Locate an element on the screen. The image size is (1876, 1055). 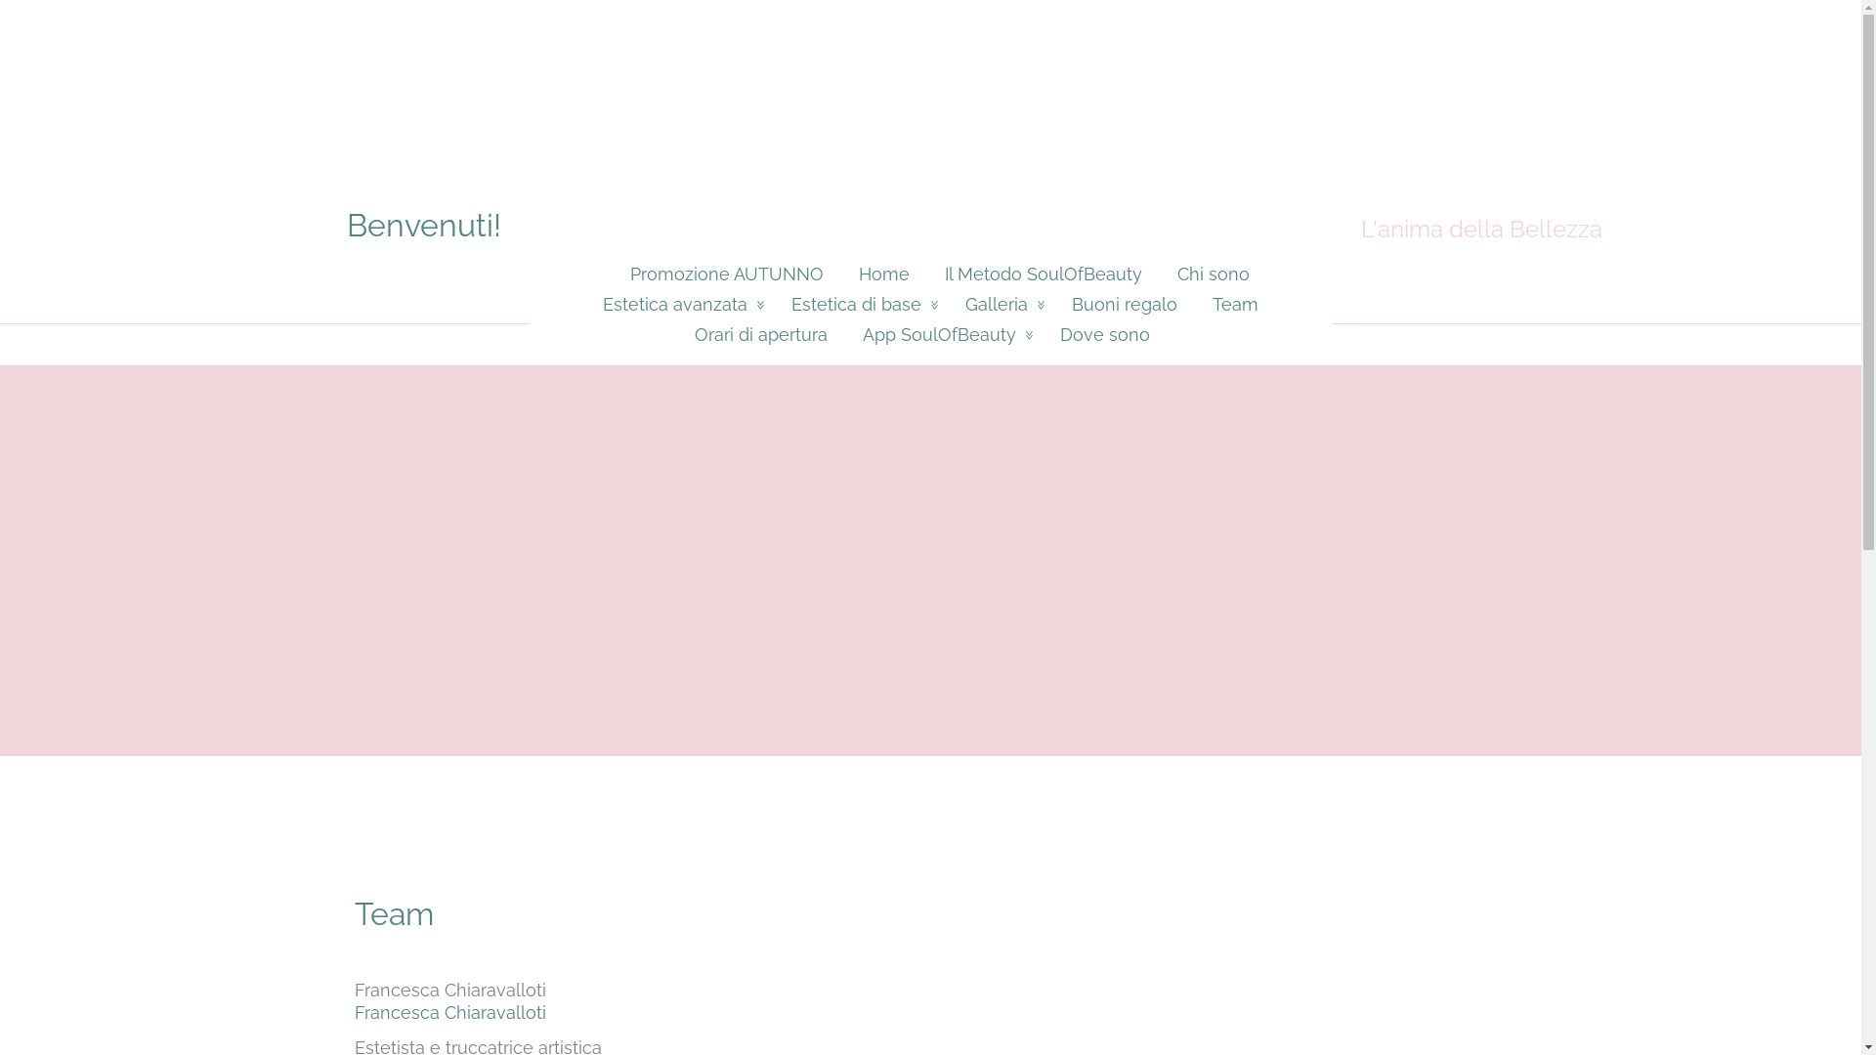
'Galleria' is located at coordinates (1001, 304).